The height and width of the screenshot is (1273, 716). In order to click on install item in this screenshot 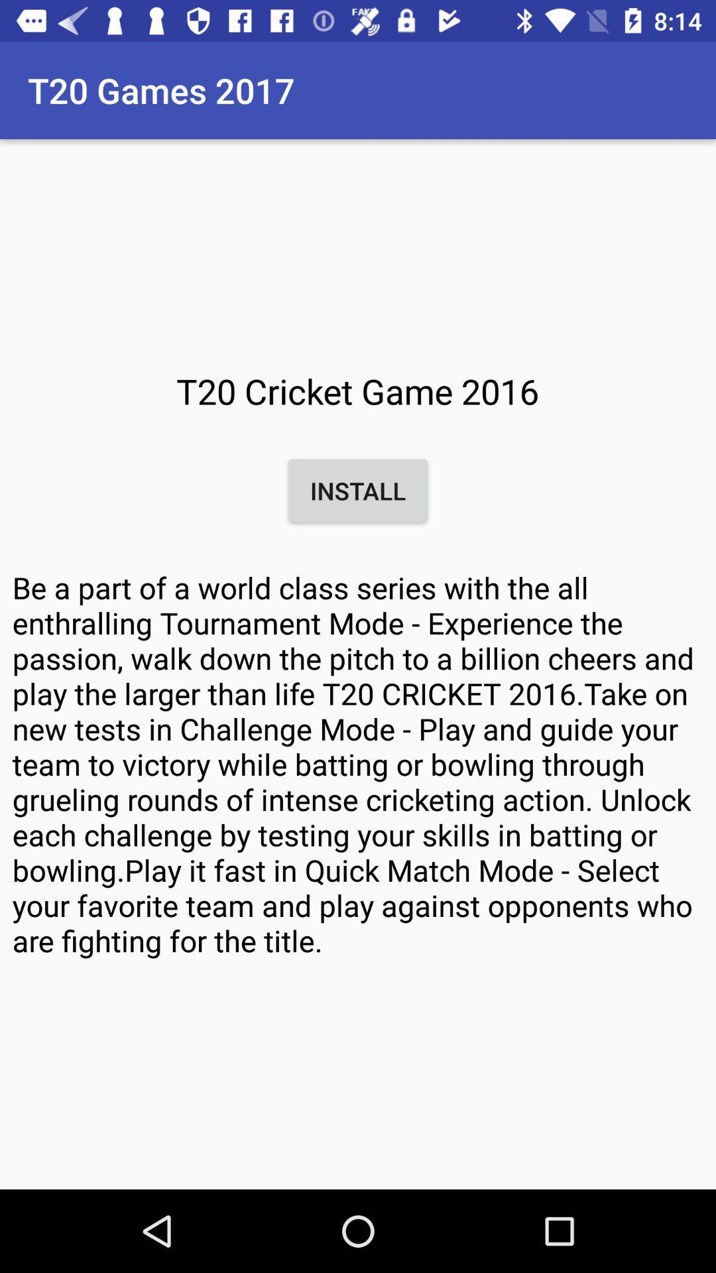, I will do `click(358, 490)`.